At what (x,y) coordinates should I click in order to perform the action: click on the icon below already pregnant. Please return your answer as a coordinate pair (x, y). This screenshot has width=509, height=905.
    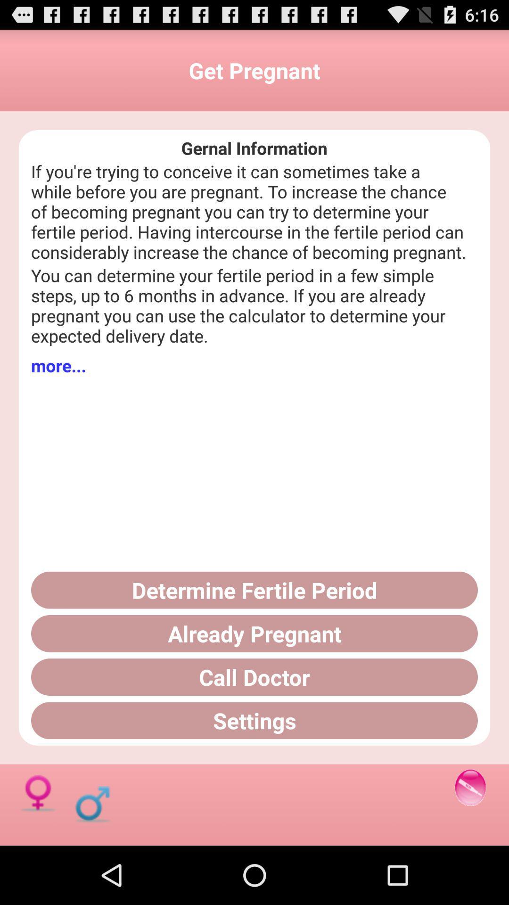
    Looking at the image, I should click on (254, 676).